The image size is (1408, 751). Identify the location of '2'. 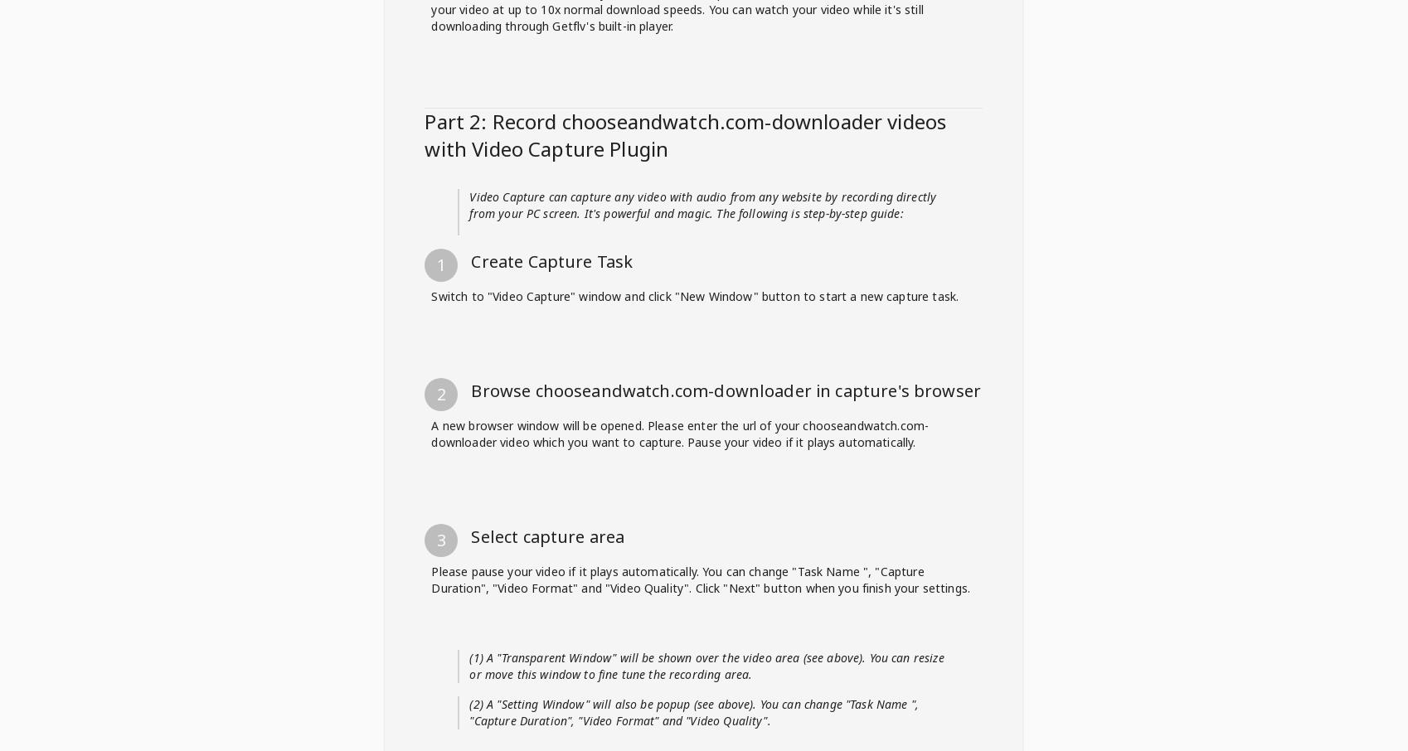
(440, 230).